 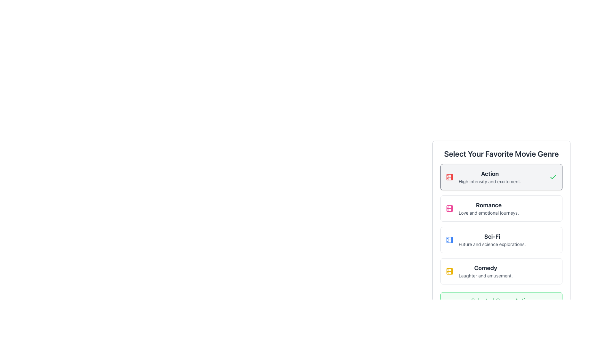 What do you see at coordinates (492, 237) in the screenshot?
I see `the 'Sci-Fi' text label, which is the third element in a vertical list of movie genres, displayed in bold and large font above the description text` at bounding box center [492, 237].